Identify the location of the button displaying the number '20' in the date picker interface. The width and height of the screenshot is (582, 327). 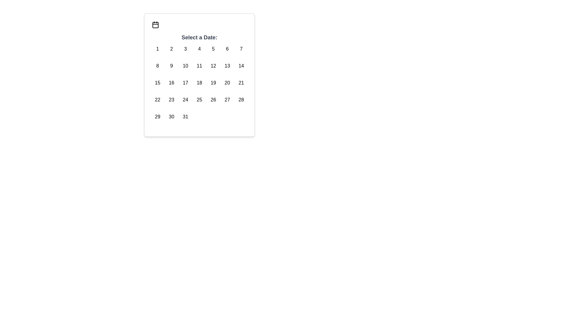
(227, 83).